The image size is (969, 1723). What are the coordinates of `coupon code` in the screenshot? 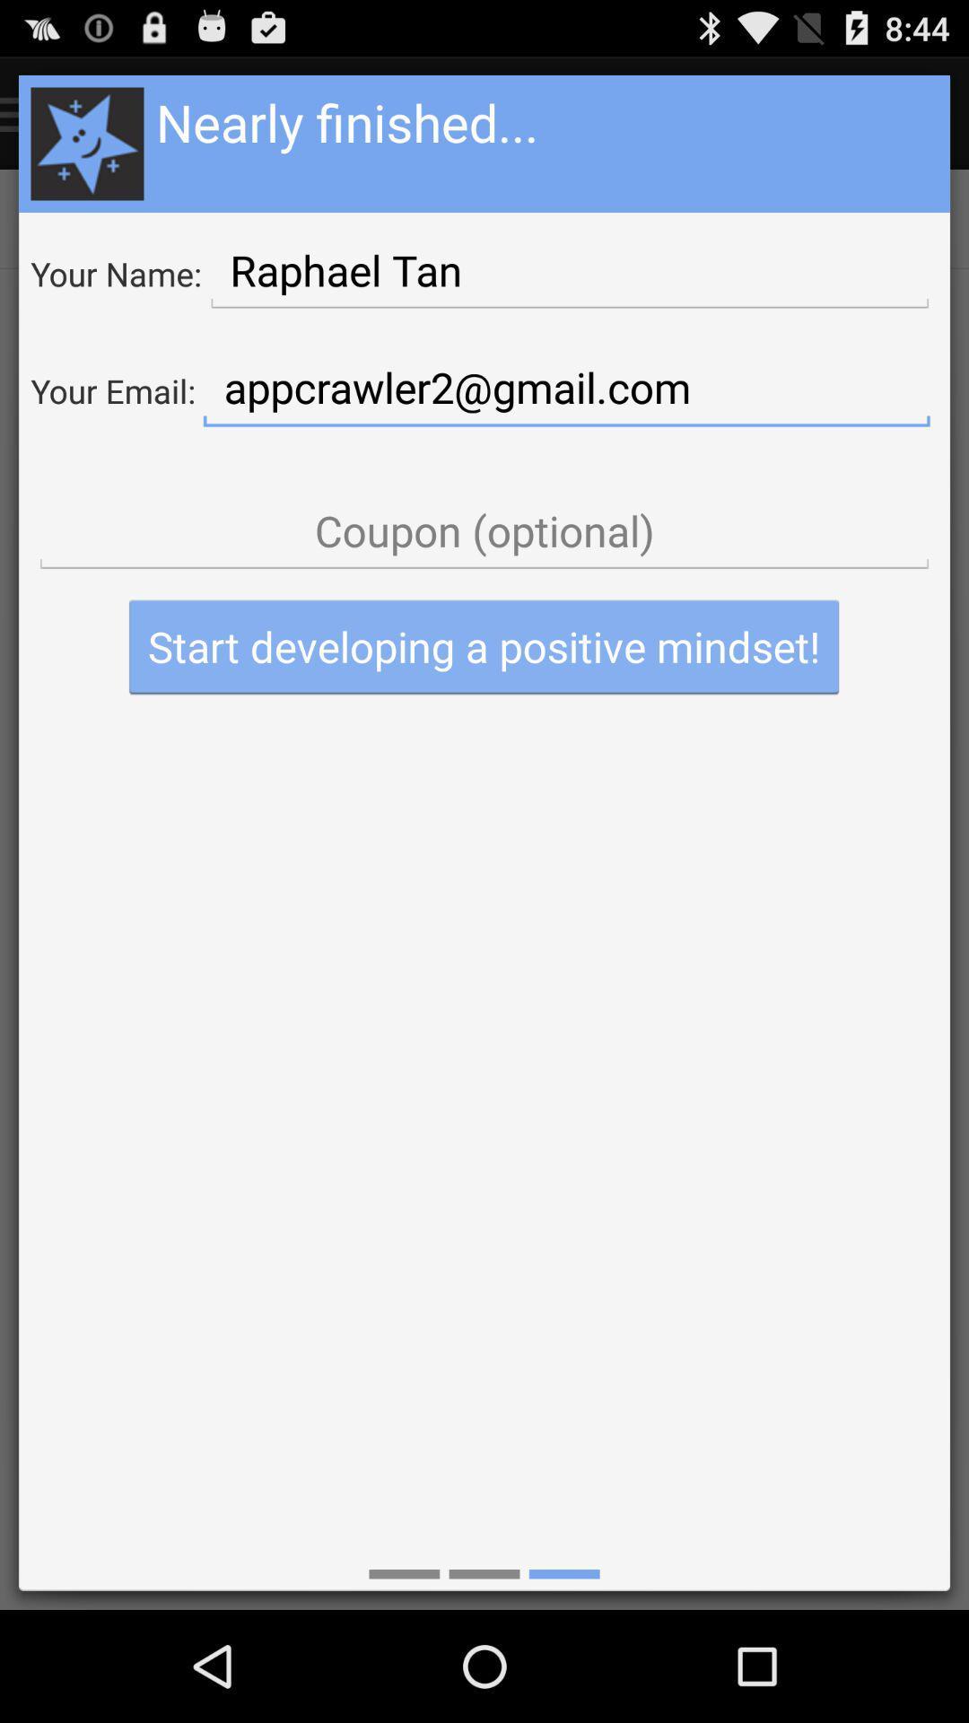 It's located at (484, 530).